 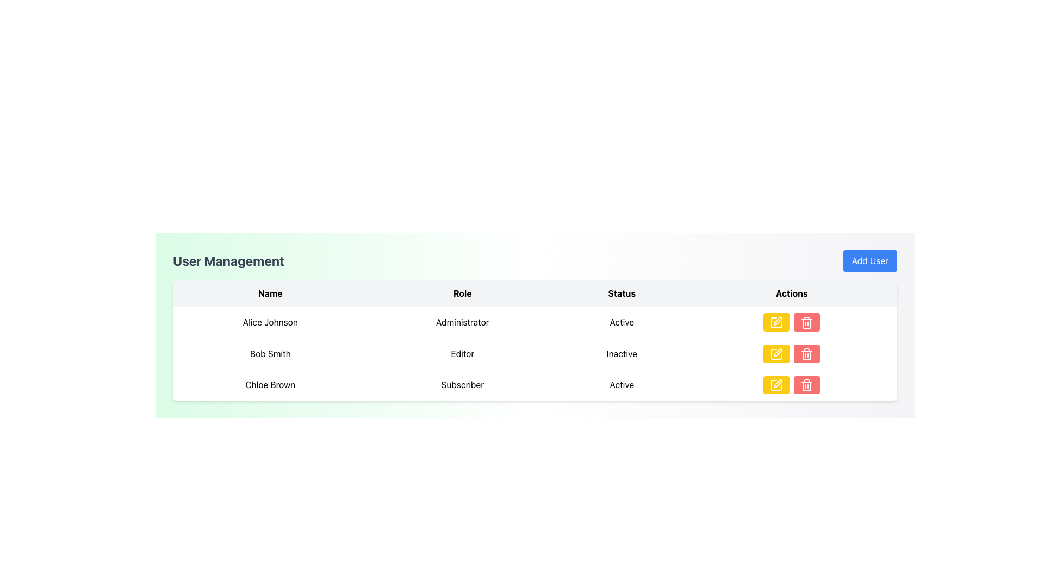 I want to click on the static text label displaying the user's name located in the first column of the first data row in the user management table, so click(x=270, y=321).